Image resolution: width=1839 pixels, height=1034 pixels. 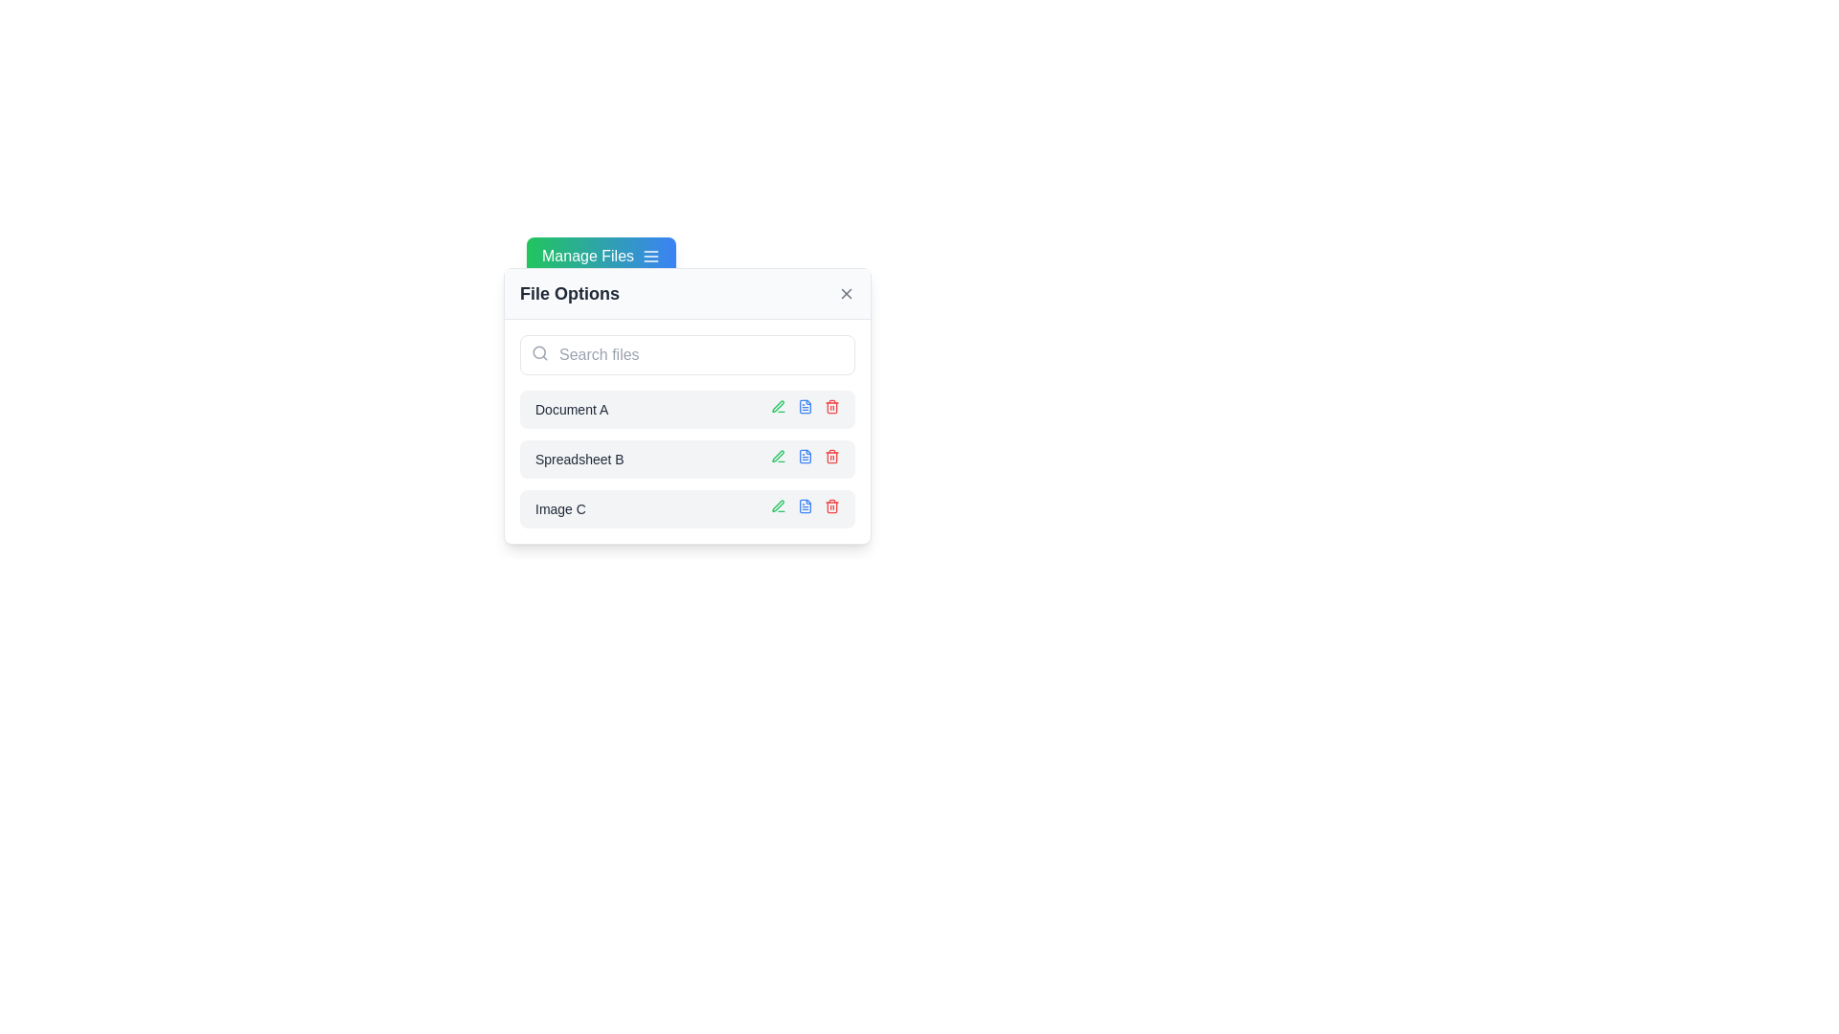 I want to click on the 'X' icon button located at the top right corner of the 'File Options' header section, so click(x=845, y=294).